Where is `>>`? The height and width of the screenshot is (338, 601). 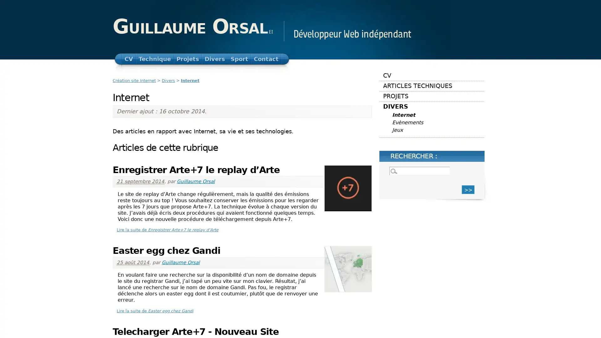
>> is located at coordinates (468, 189).